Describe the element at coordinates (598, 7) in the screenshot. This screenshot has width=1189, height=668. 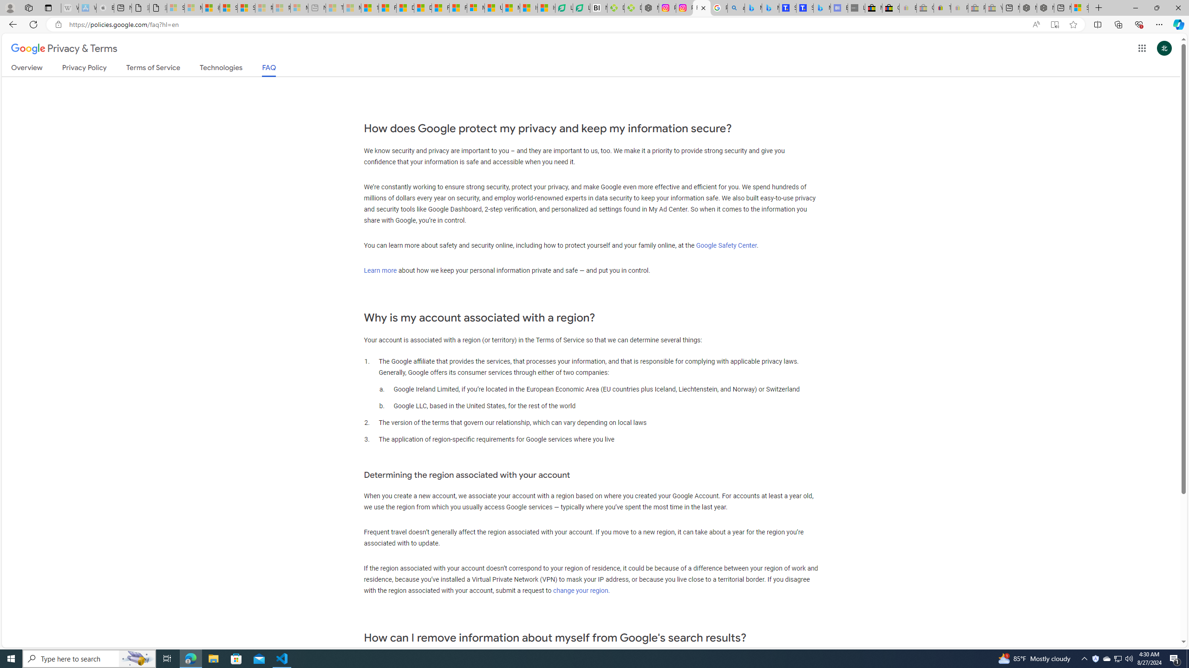
I see `'Nvidia va a poner a prueba la paciencia de los inversores'` at that location.